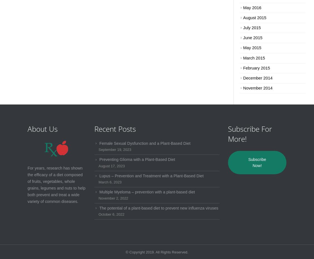 The image size is (314, 259). What do you see at coordinates (254, 18) in the screenshot?
I see `'August 2015'` at bounding box center [254, 18].